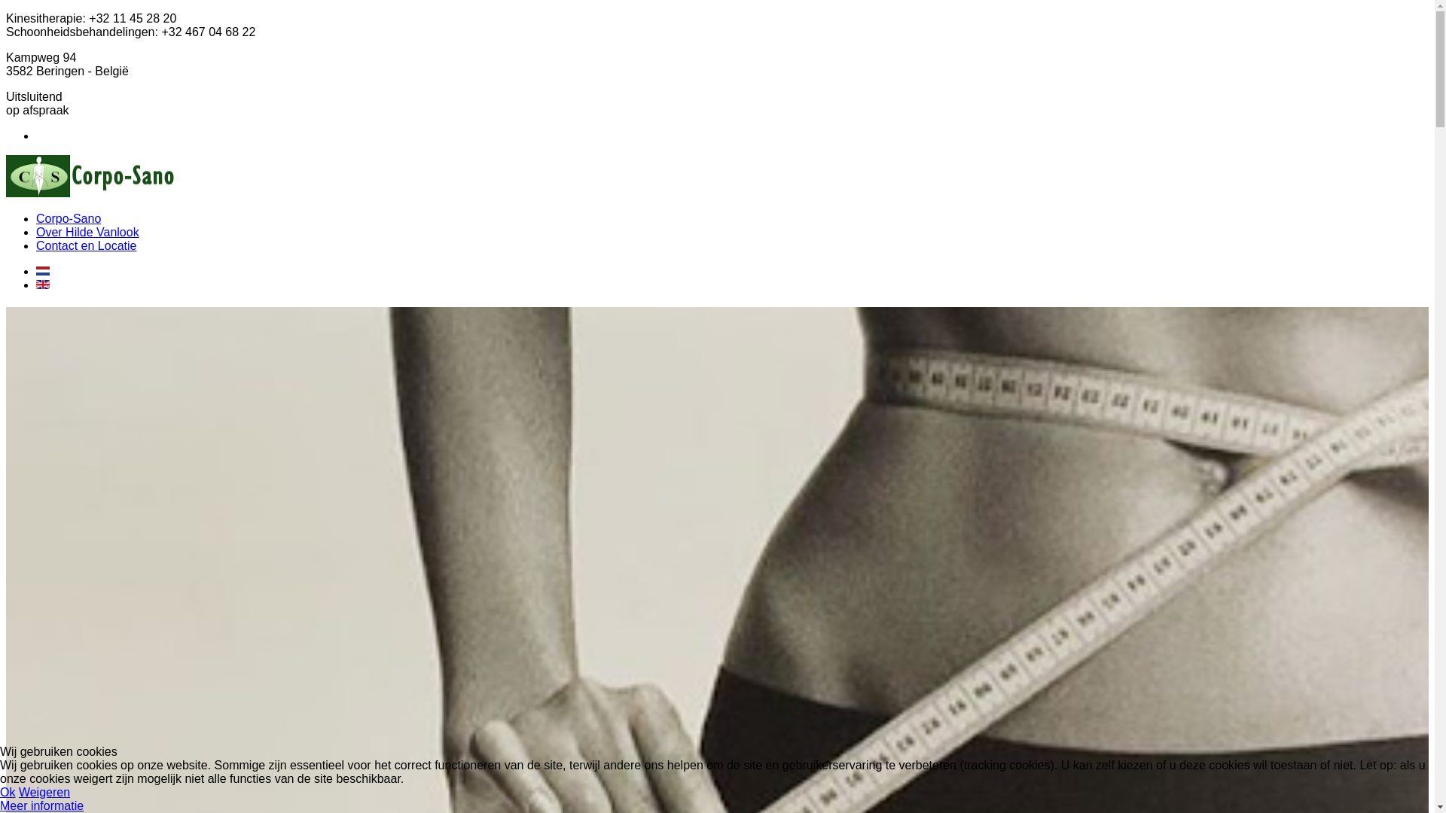 This screenshot has height=813, width=1446. I want to click on 'English (UK)', so click(36, 285).